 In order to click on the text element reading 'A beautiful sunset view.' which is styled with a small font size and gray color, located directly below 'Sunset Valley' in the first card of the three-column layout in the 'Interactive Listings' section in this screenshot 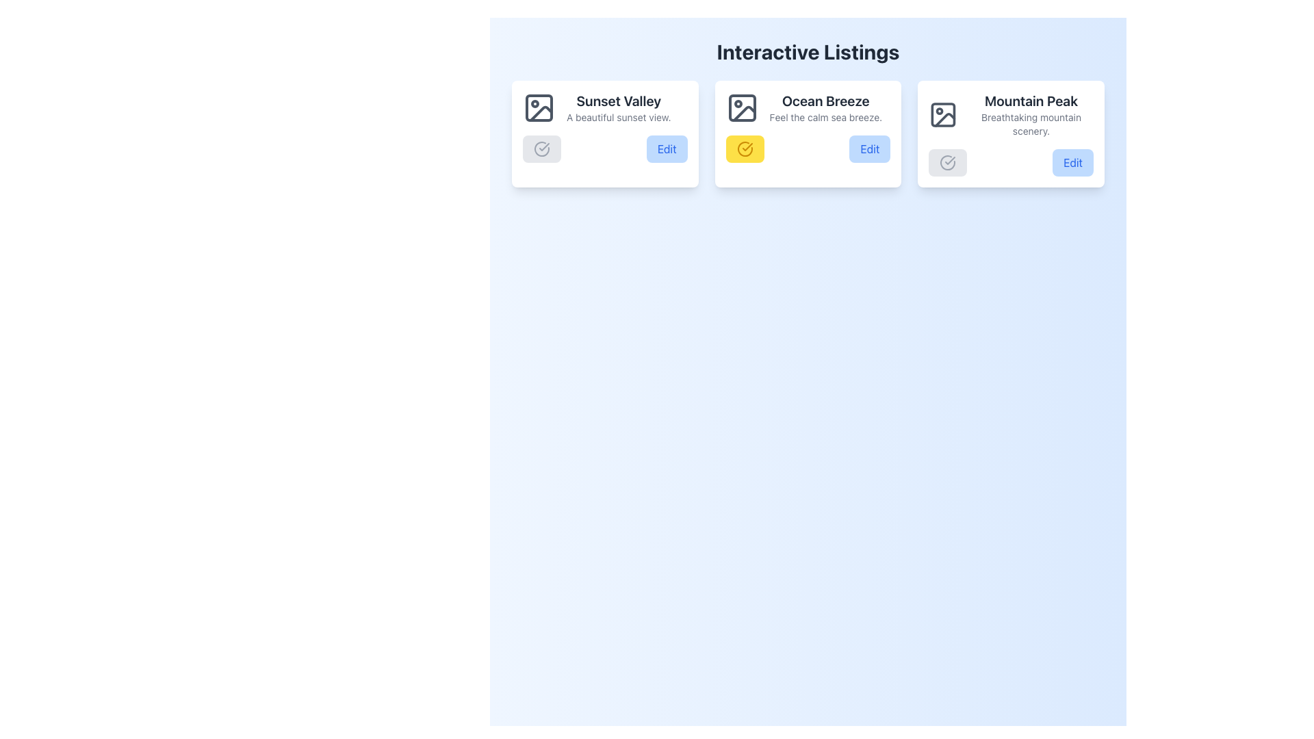, I will do `click(618, 117)`.